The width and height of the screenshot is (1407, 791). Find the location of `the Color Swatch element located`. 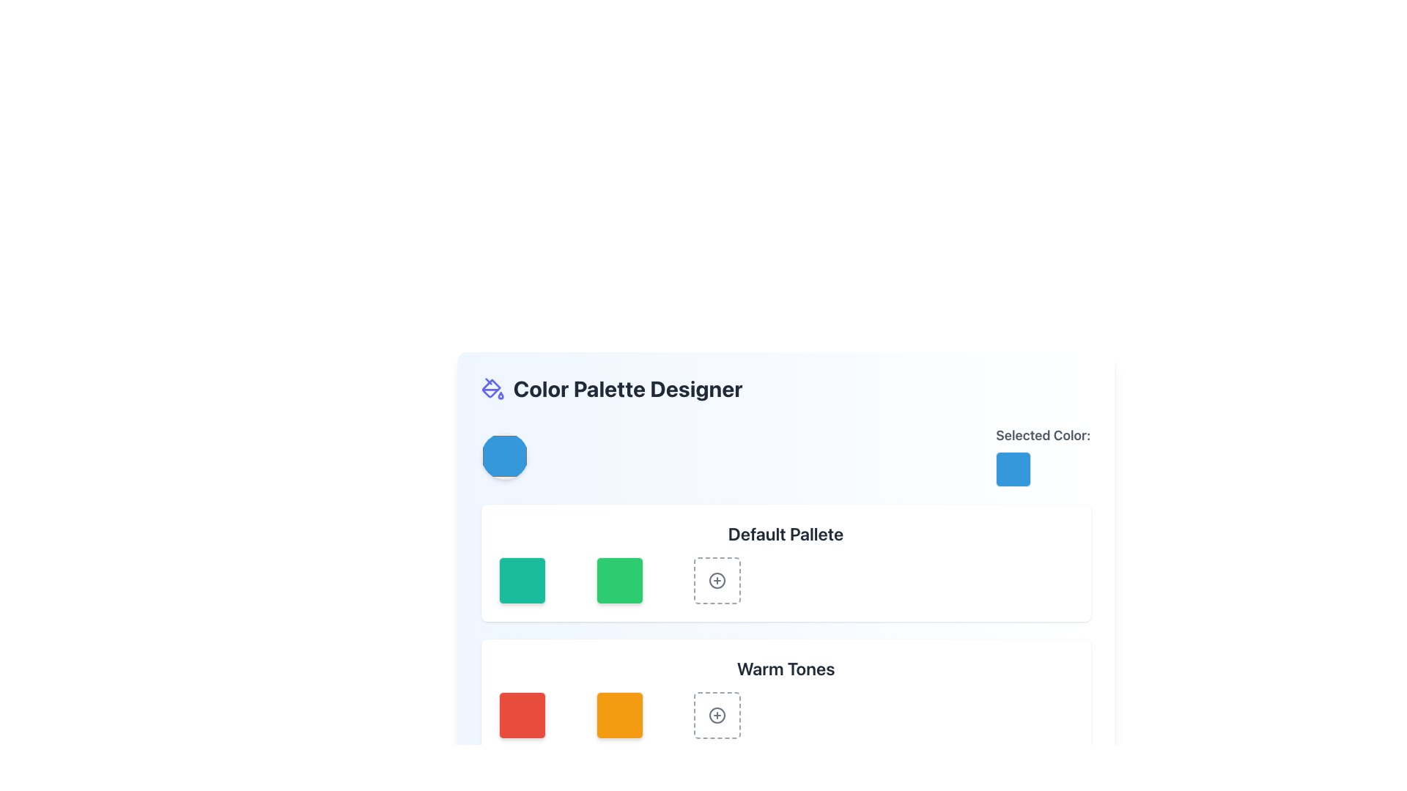

the Color Swatch element located is located at coordinates (504, 456).